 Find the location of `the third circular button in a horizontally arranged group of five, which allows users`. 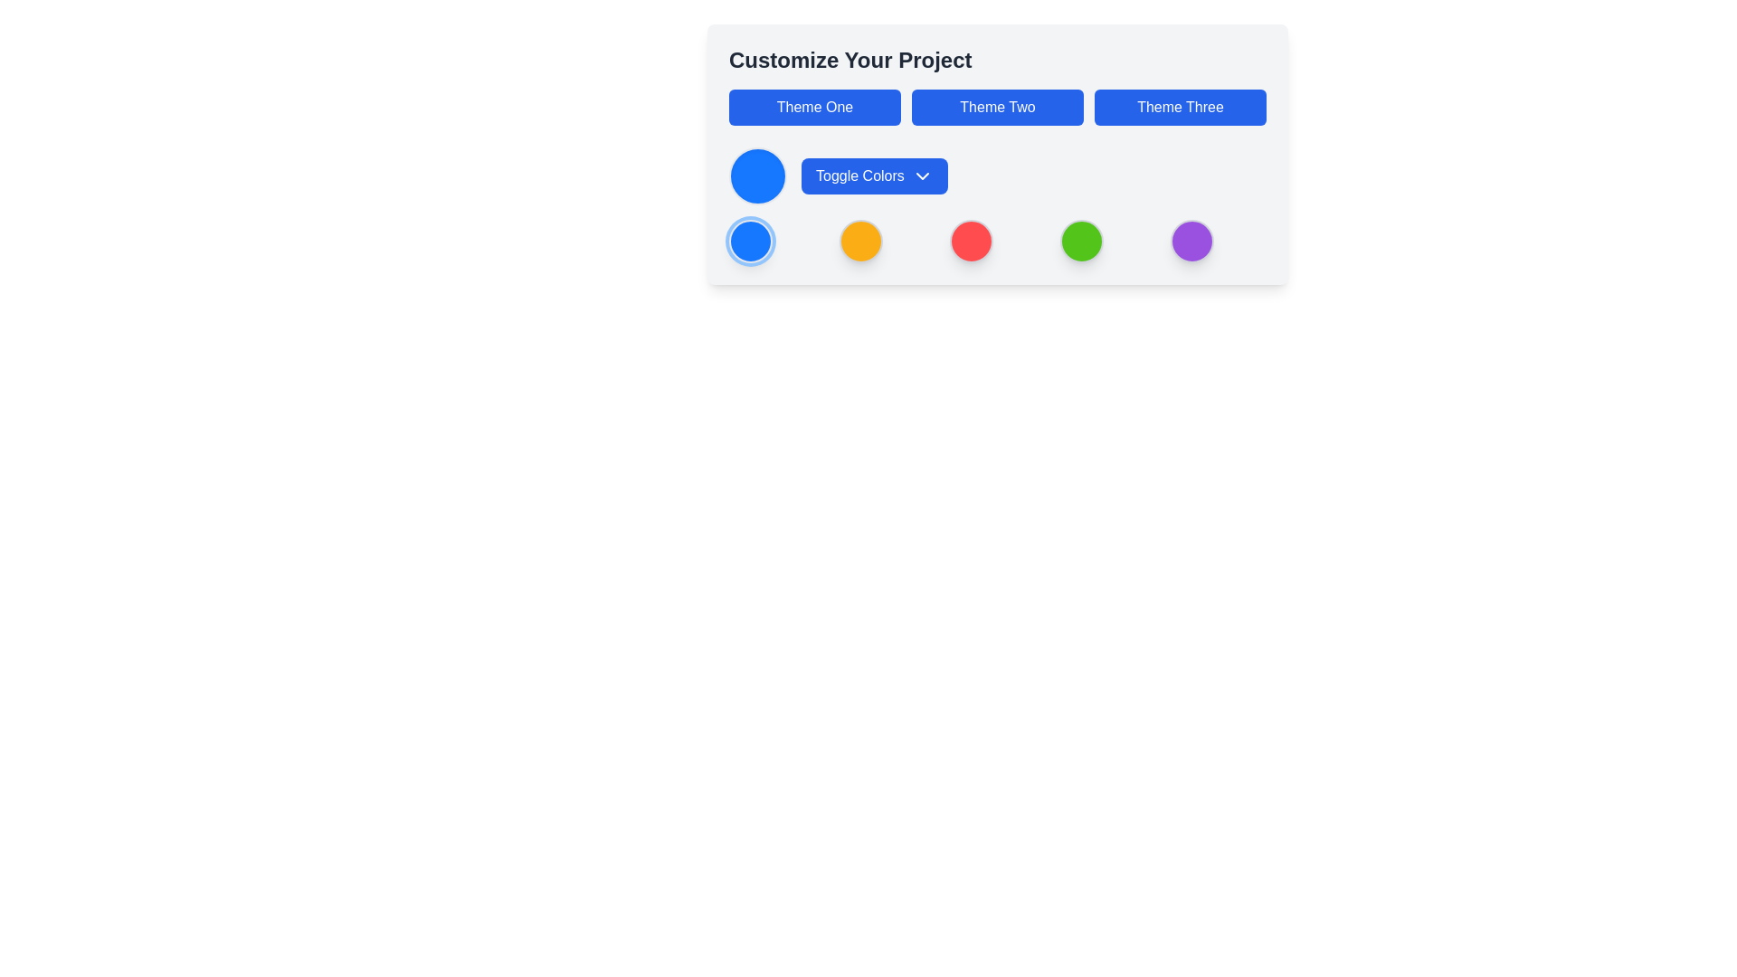

the third circular button in a horizontally arranged group of five, which allows users is located at coordinates (971, 240).